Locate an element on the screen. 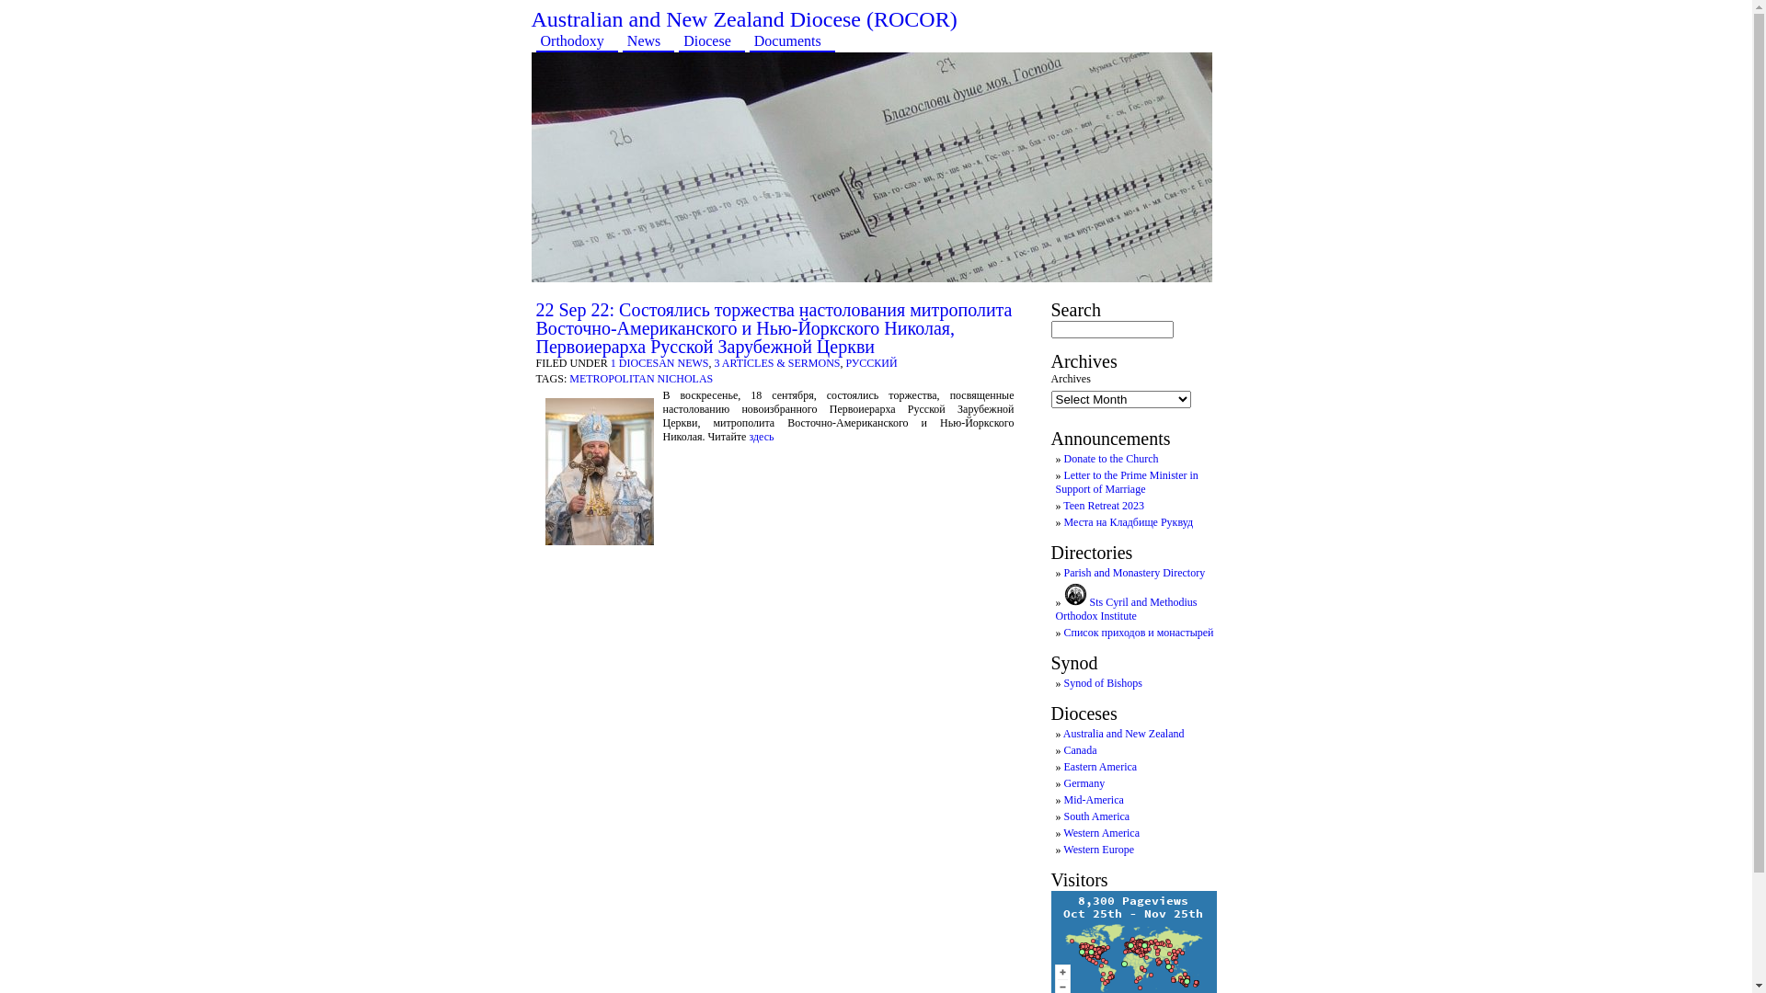  'Parish and Monastery Directory' is located at coordinates (1133, 572).